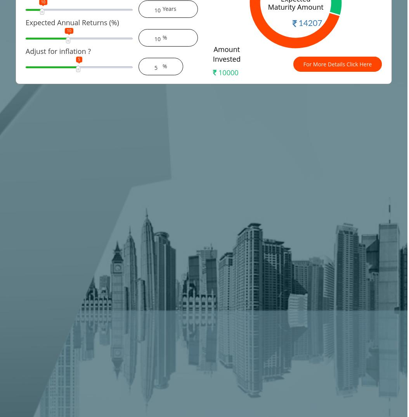  Describe the element at coordinates (303, 64) in the screenshot. I see `'For More Details Click Here'` at that location.